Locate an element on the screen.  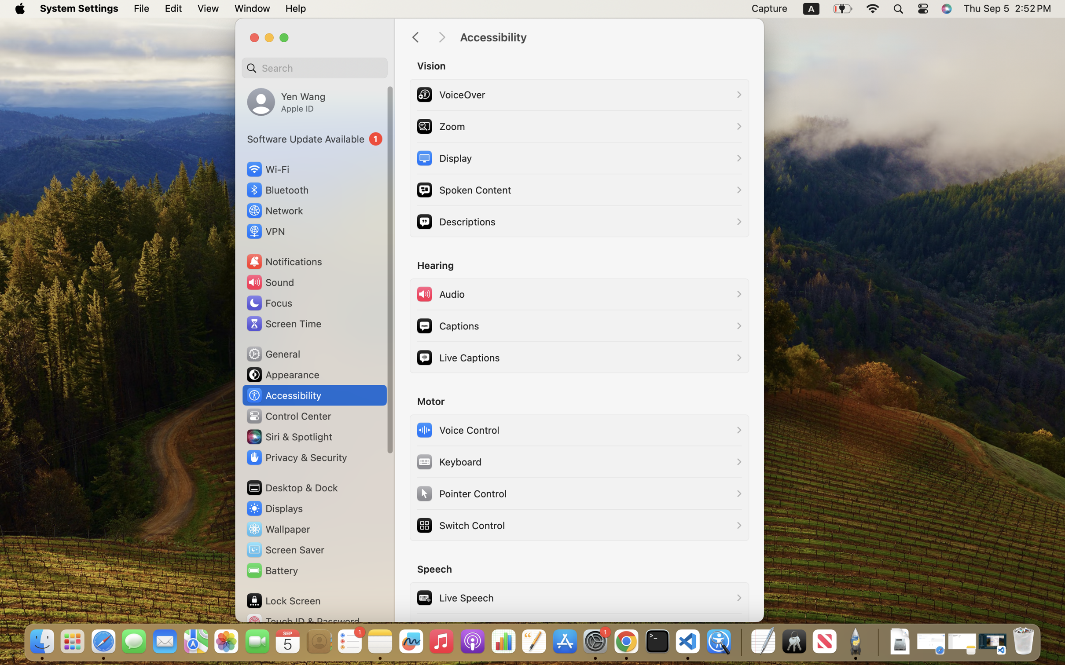
'Lock Screen' is located at coordinates (283, 600).